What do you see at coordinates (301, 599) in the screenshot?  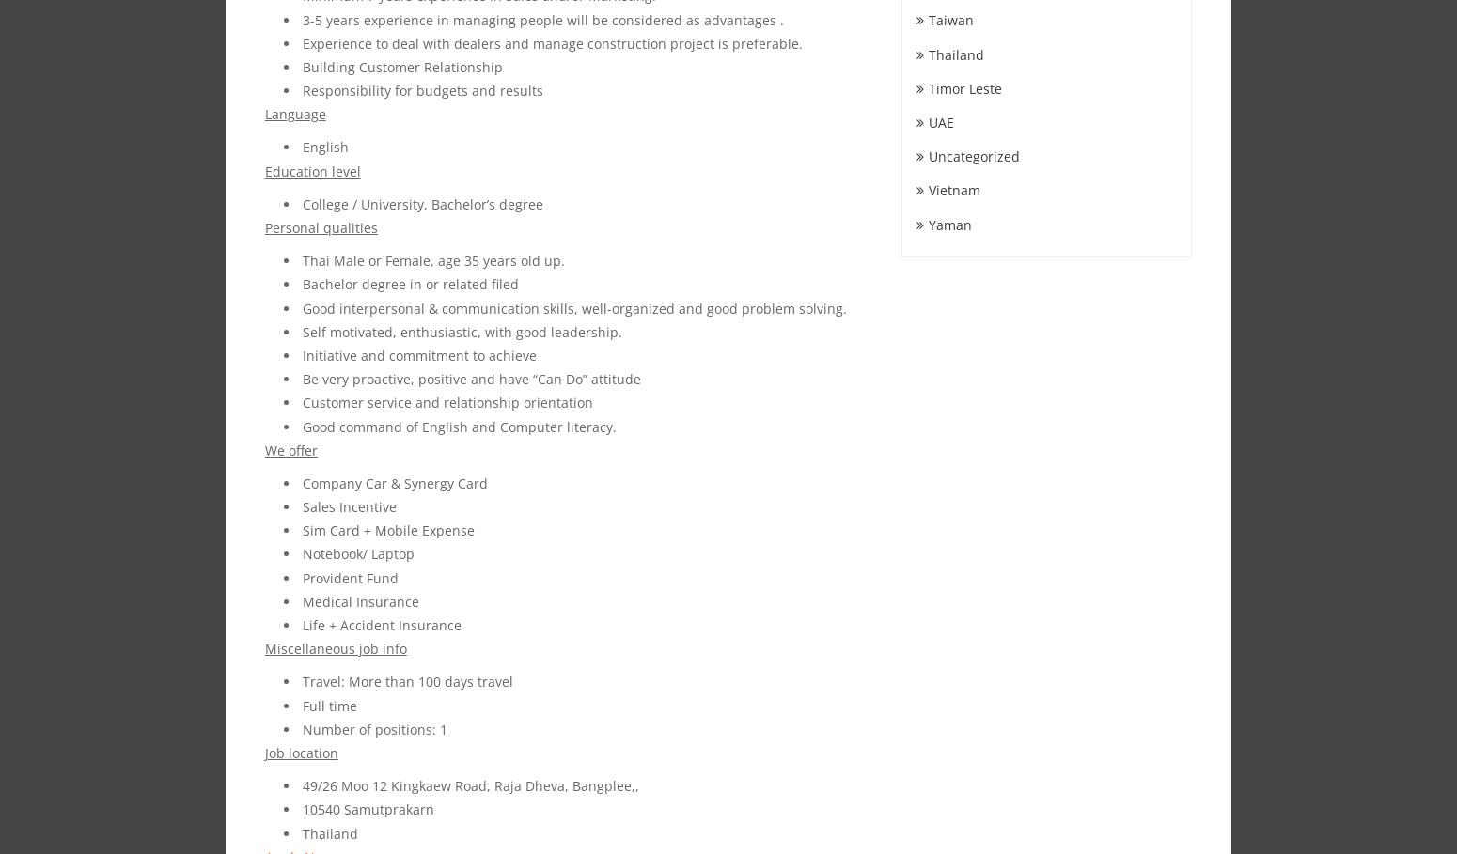 I see `'Medical Insurance'` at bounding box center [301, 599].